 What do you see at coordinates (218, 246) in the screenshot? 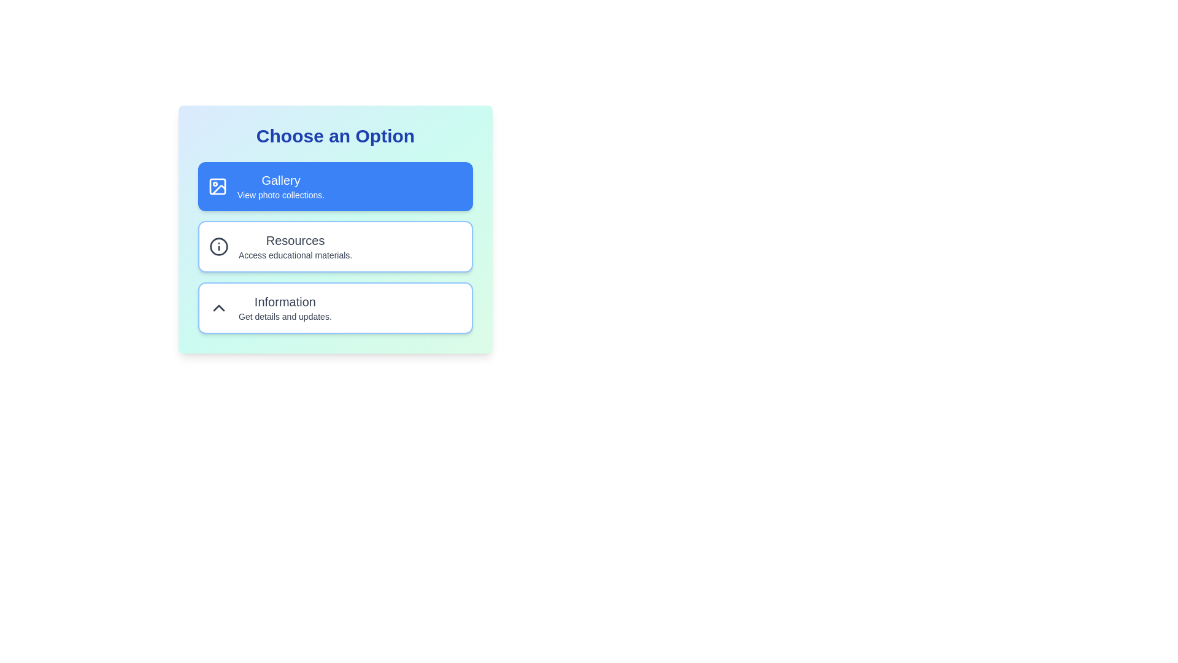
I see `the help icon located on the far left of the 'Resources' card, which is the second card from the top in the options section` at bounding box center [218, 246].